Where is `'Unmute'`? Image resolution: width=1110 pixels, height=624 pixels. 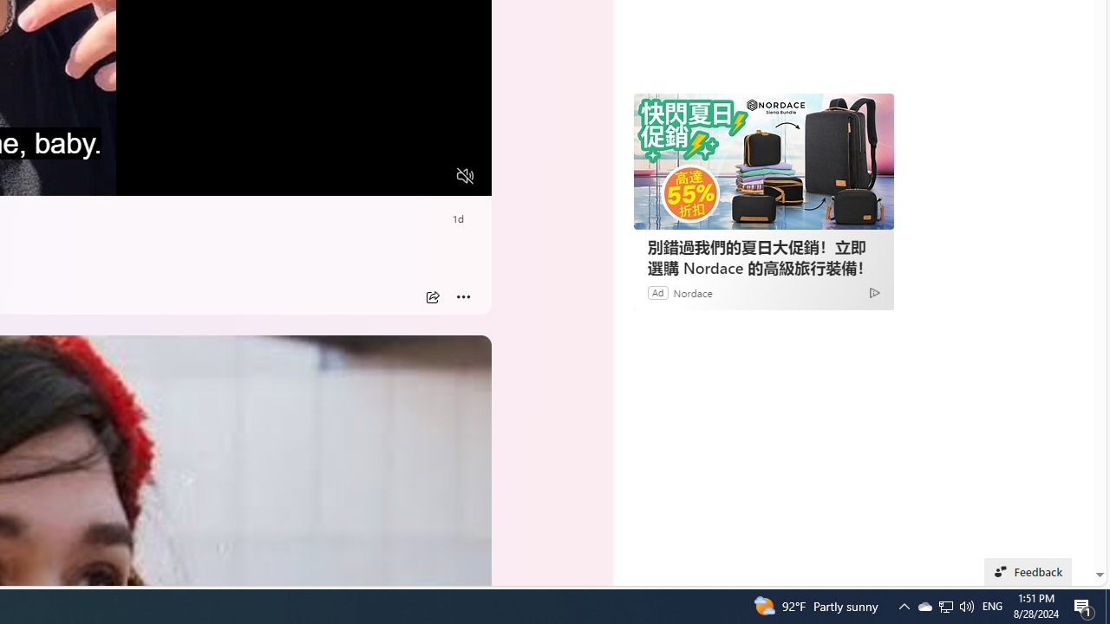
'Unmute' is located at coordinates (465, 176).